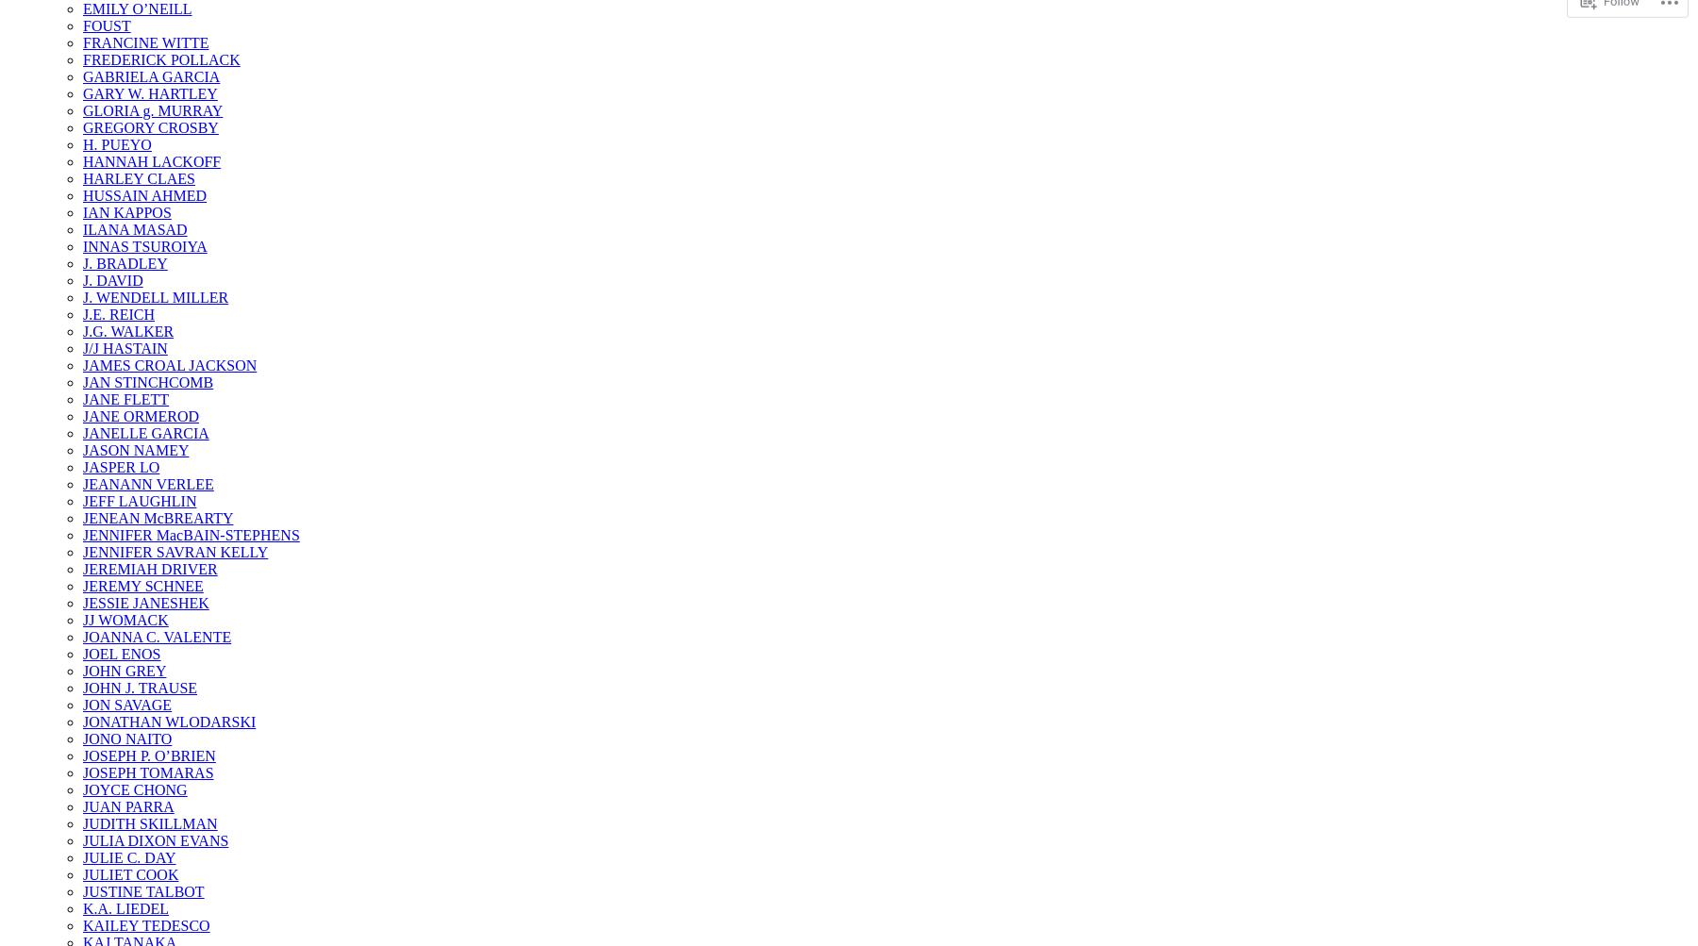  Describe the element at coordinates (82, 823) in the screenshot. I see `'JUDITH SKILLMAN'` at that location.